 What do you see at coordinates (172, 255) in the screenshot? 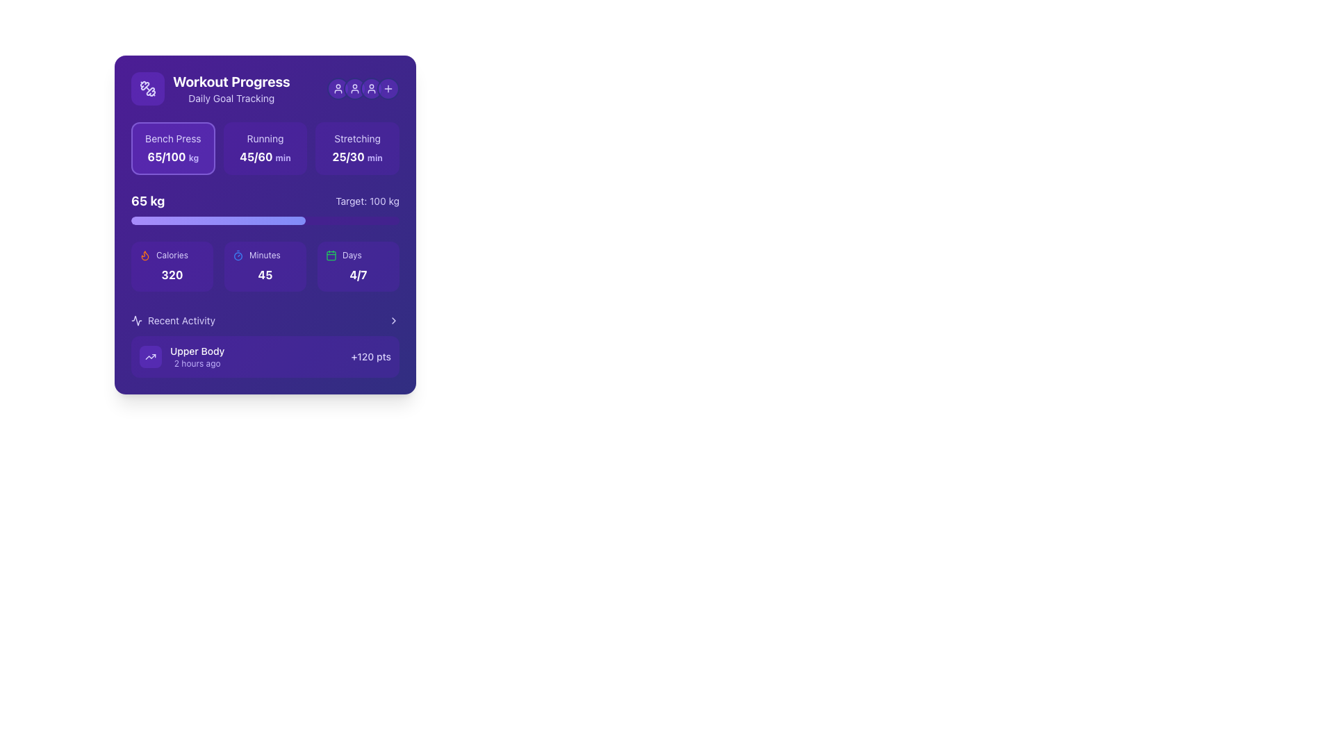
I see `the static label text that describes the calories burned, located above the numeric value 320 and next to an orange flame icon` at bounding box center [172, 255].